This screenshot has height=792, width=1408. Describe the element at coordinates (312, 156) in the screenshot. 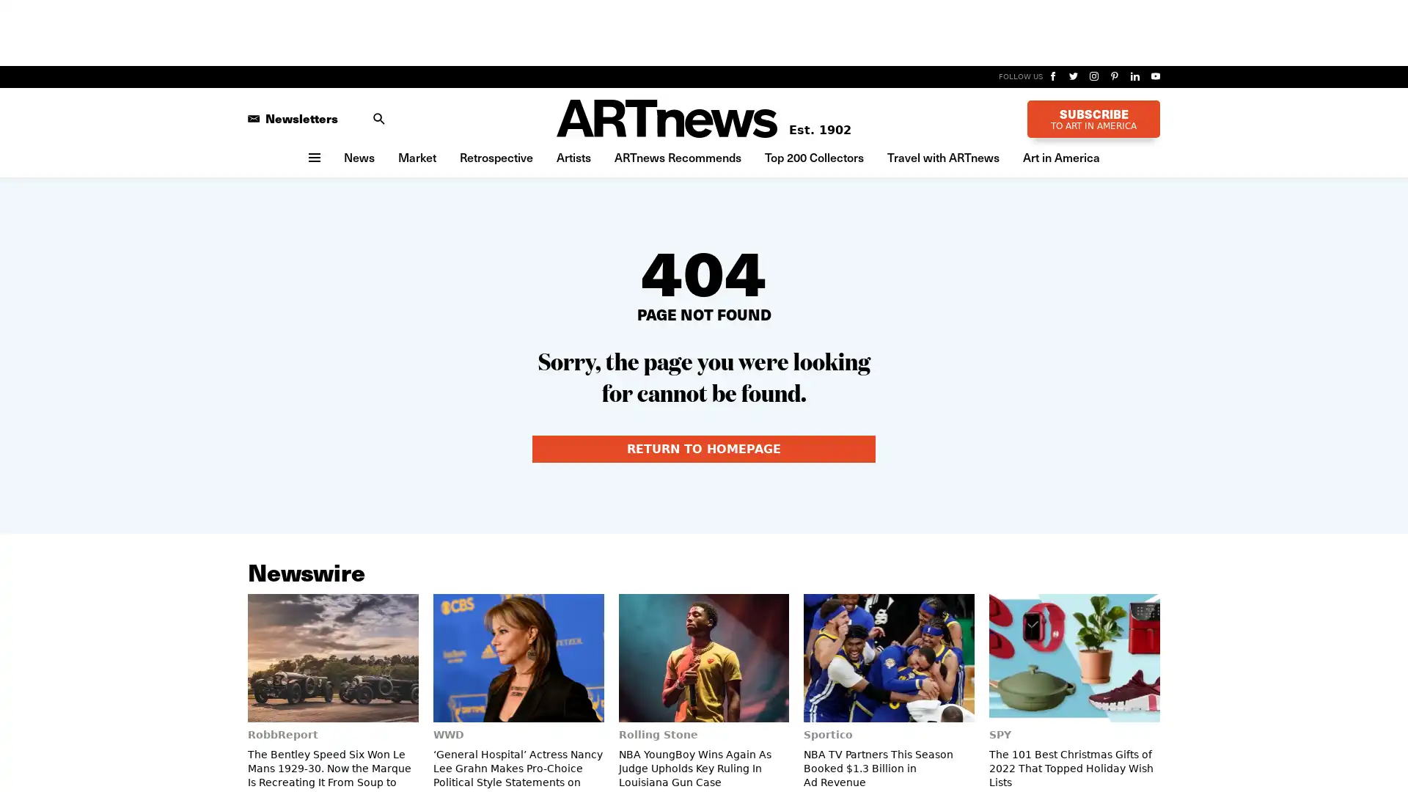

I see `Plus Icon Click to expand the Mega Menu` at that location.